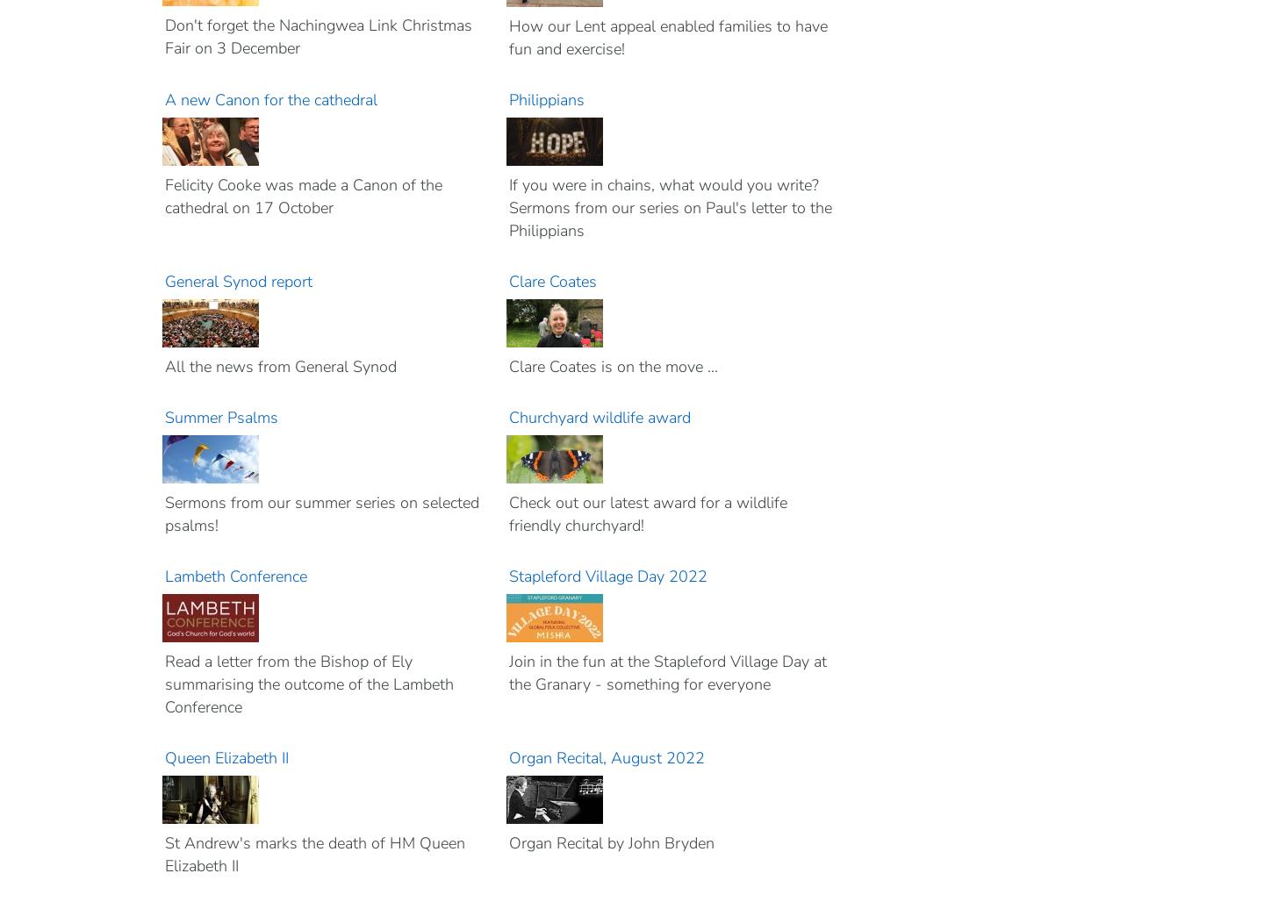  I want to click on 'Join in the fun at the Stapleford Village Day at the Granary - something for everyone', so click(666, 671).